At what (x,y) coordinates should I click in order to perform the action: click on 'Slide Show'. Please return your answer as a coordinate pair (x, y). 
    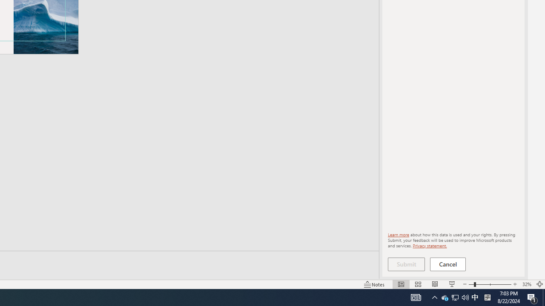
    Looking at the image, I should click on (451, 284).